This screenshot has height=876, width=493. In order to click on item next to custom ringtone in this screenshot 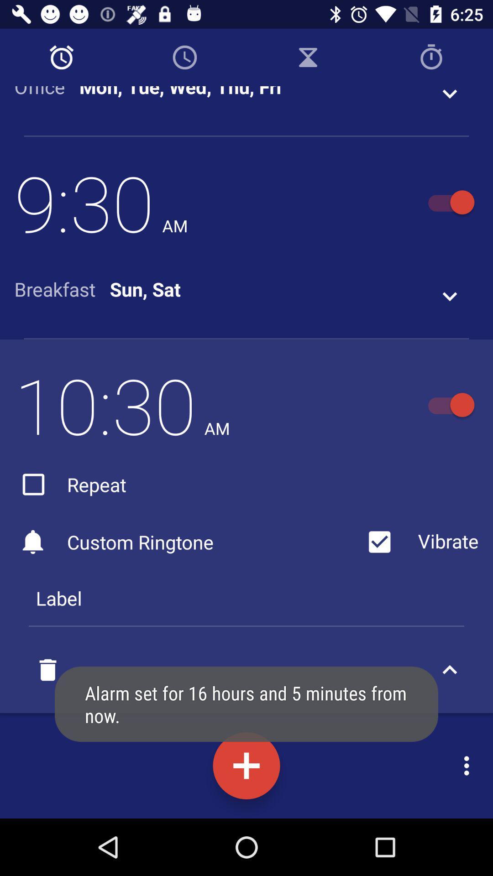, I will do `click(420, 542)`.